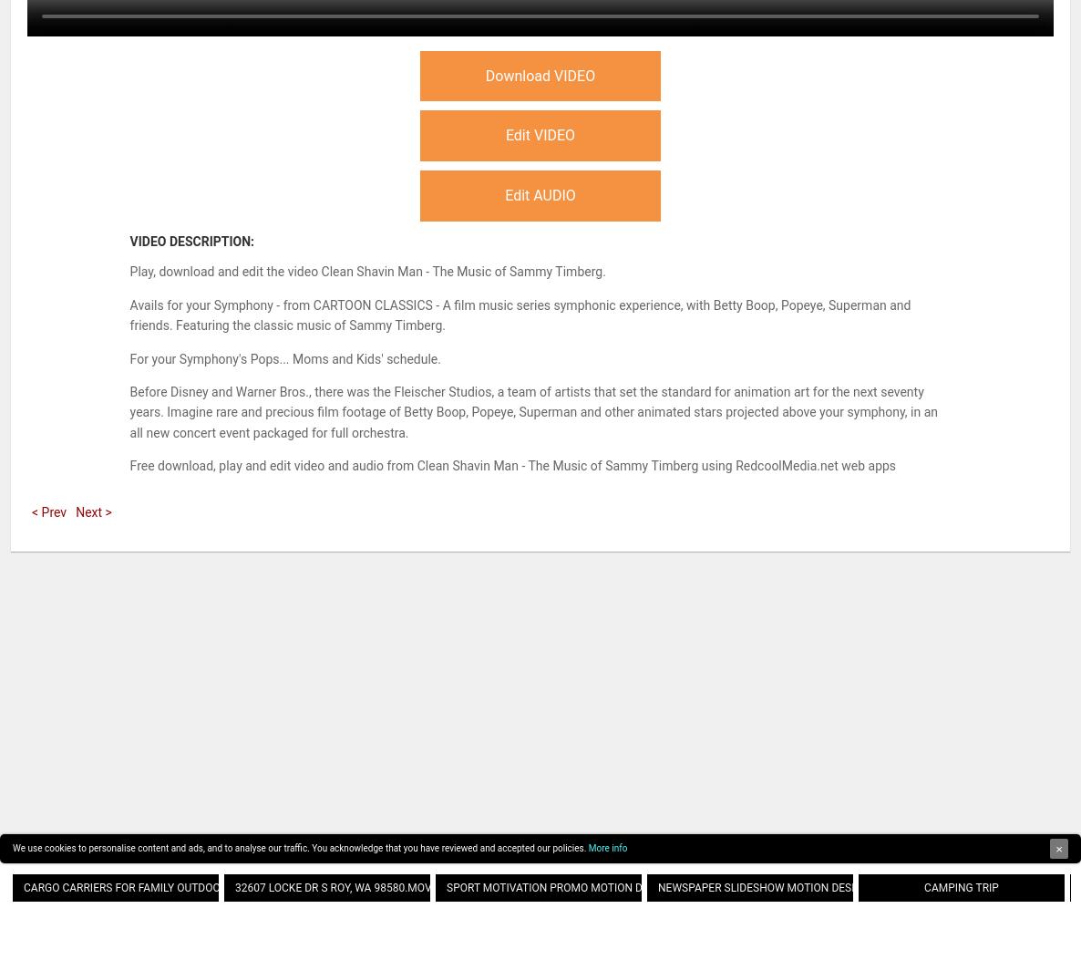 Image resolution: width=1081 pixels, height=960 pixels. What do you see at coordinates (961, 886) in the screenshot?
I see `'Camping Trip'` at bounding box center [961, 886].